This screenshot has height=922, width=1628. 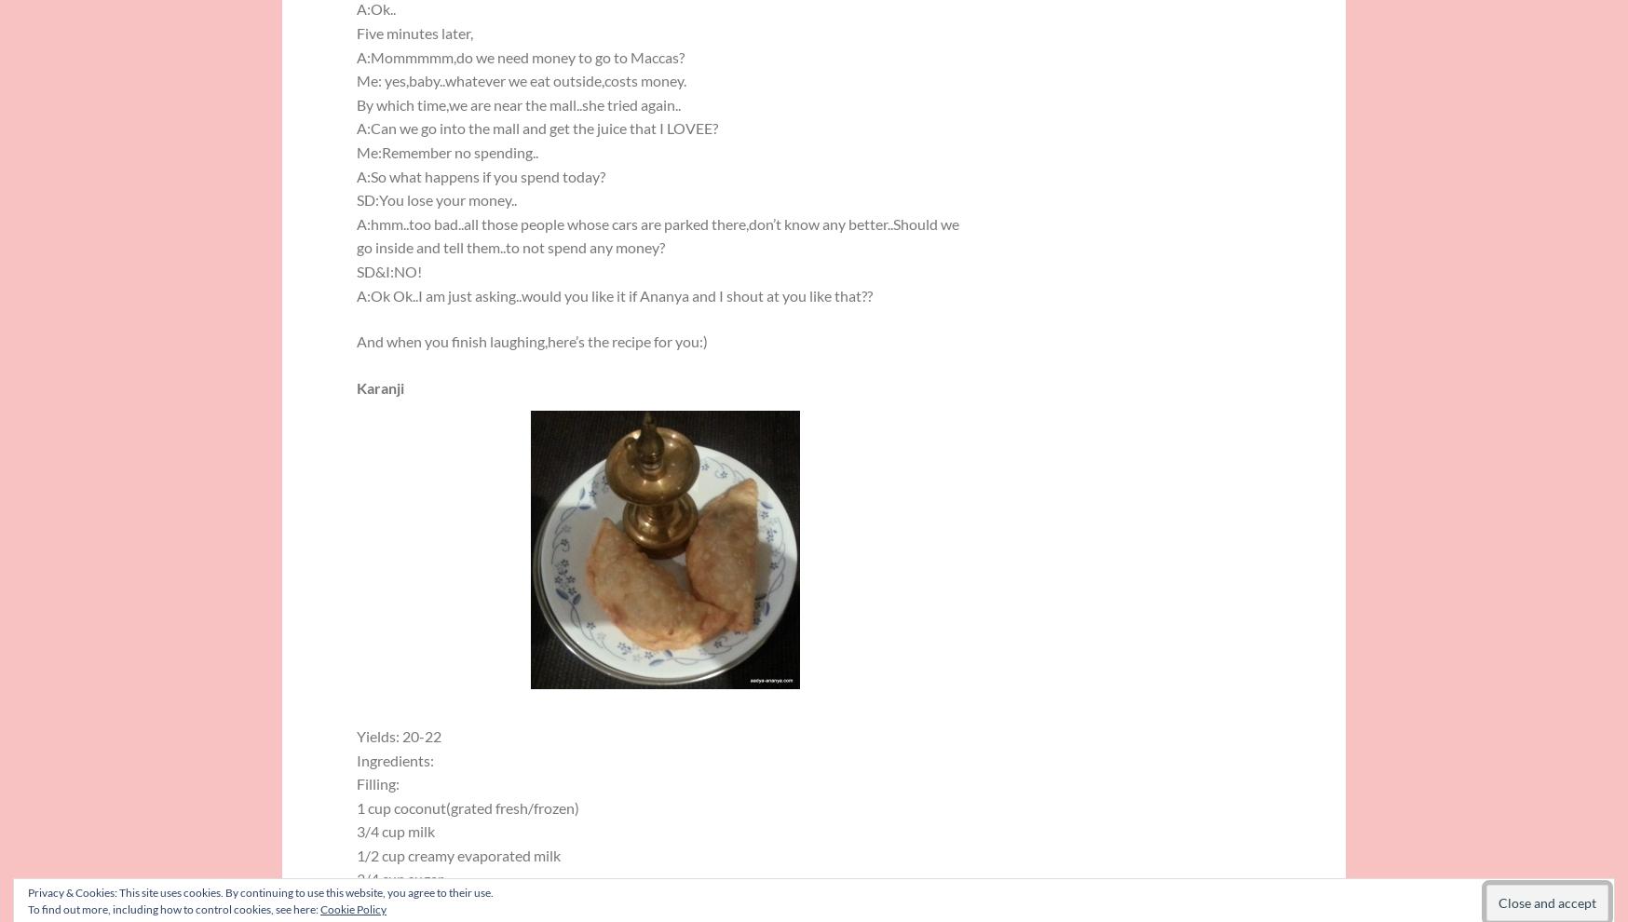 What do you see at coordinates (393, 902) in the screenshot?
I see `'nuts,raisins'` at bounding box center [393, 902].